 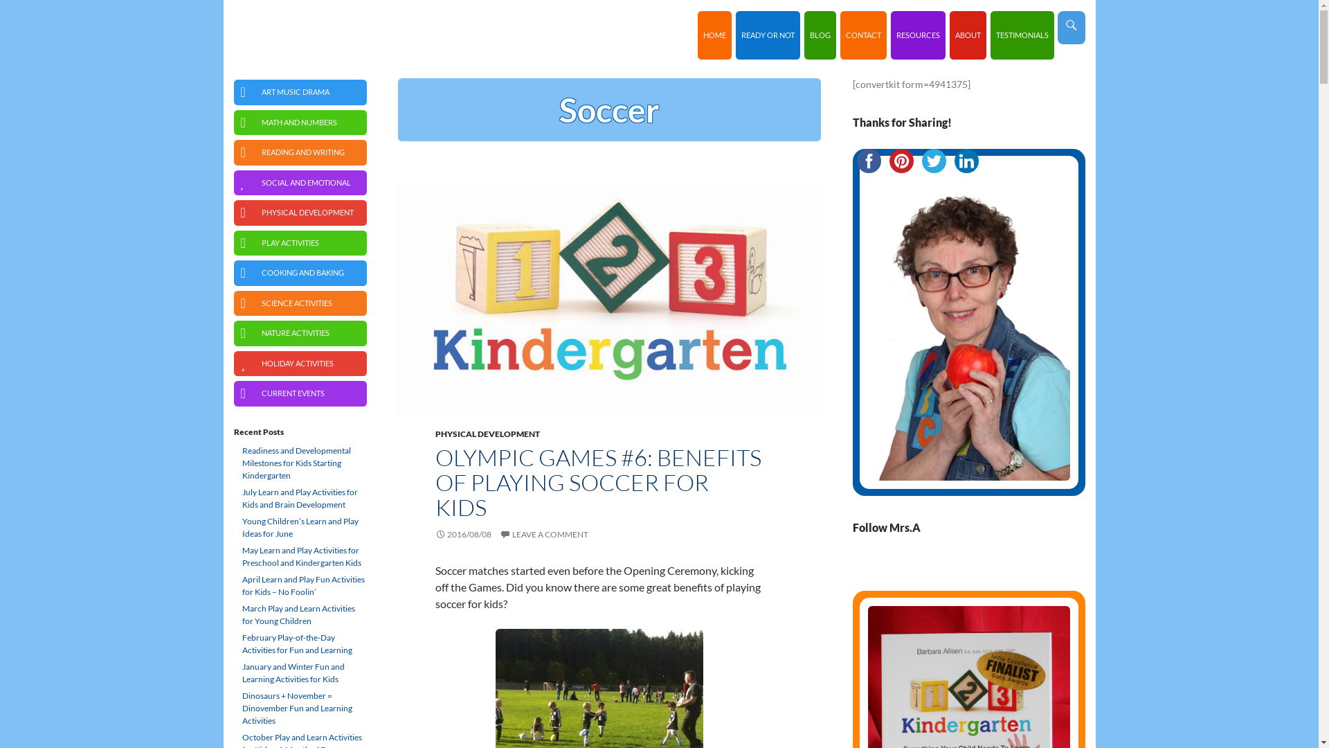 I want to click on 'BLOG', so click(x=820, y=34).